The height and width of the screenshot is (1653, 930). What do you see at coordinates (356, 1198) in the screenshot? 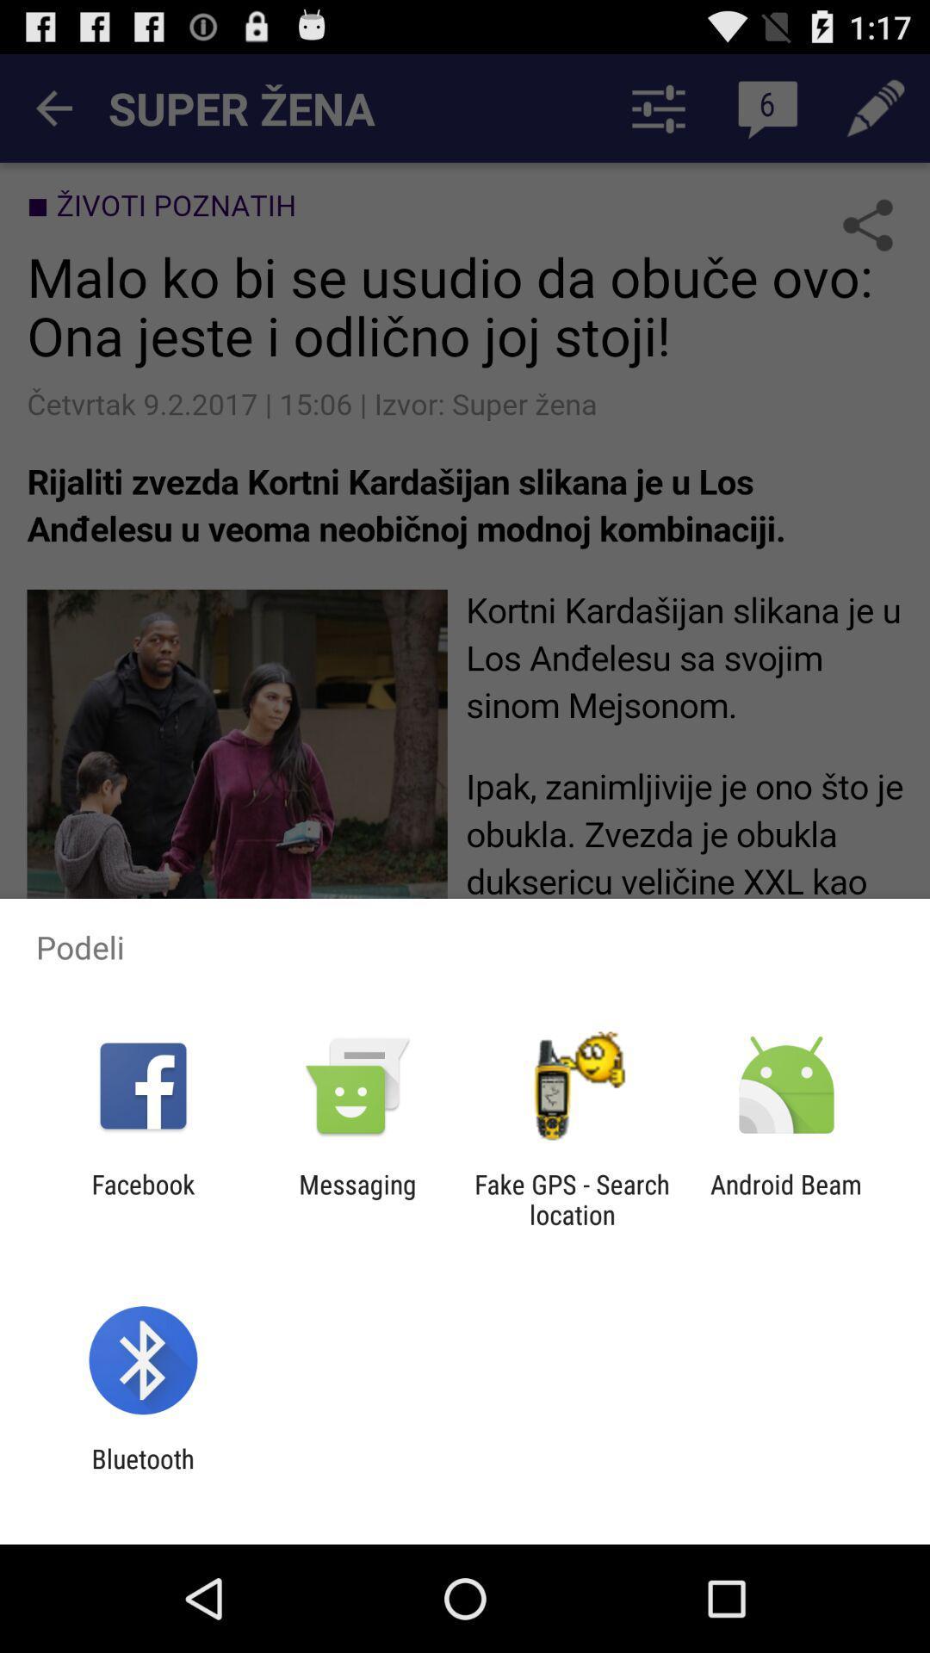
I see `item next to fake gps search` at bounding box center [356, 1198].